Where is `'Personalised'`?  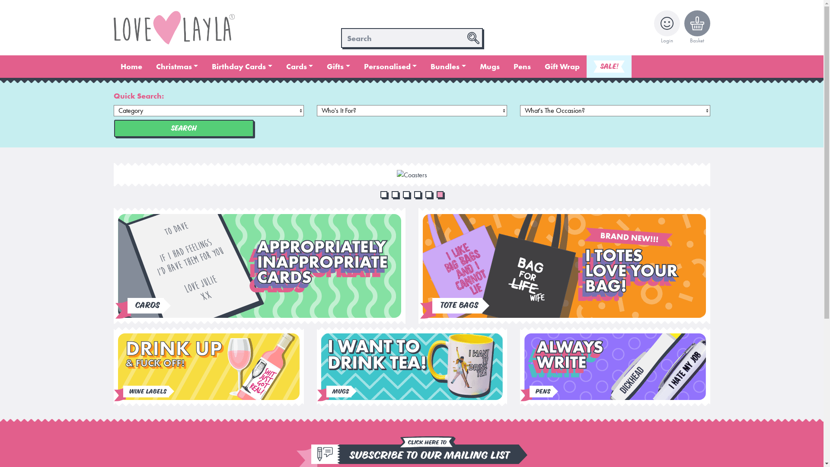 'Personalised' is located at coordinates (390, 66).